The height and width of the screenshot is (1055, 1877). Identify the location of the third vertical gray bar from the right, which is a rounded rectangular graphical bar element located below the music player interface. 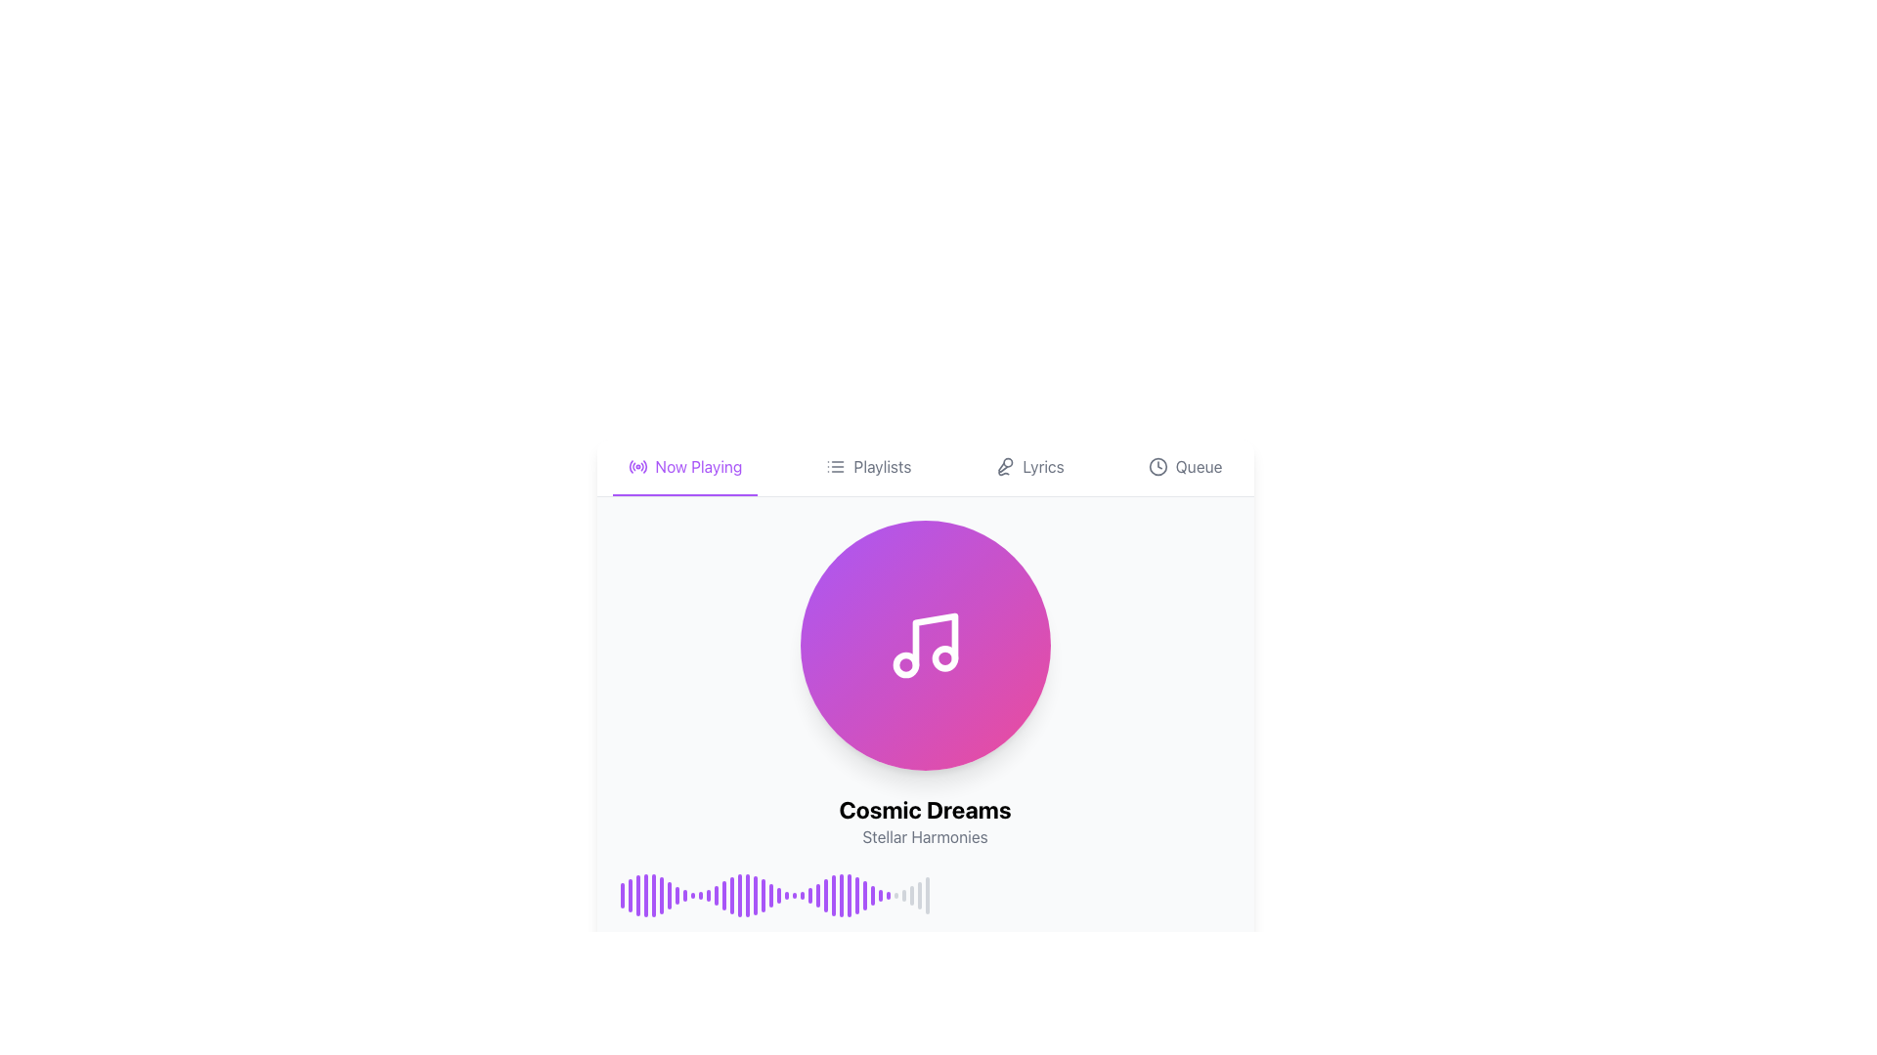
(910, 896).